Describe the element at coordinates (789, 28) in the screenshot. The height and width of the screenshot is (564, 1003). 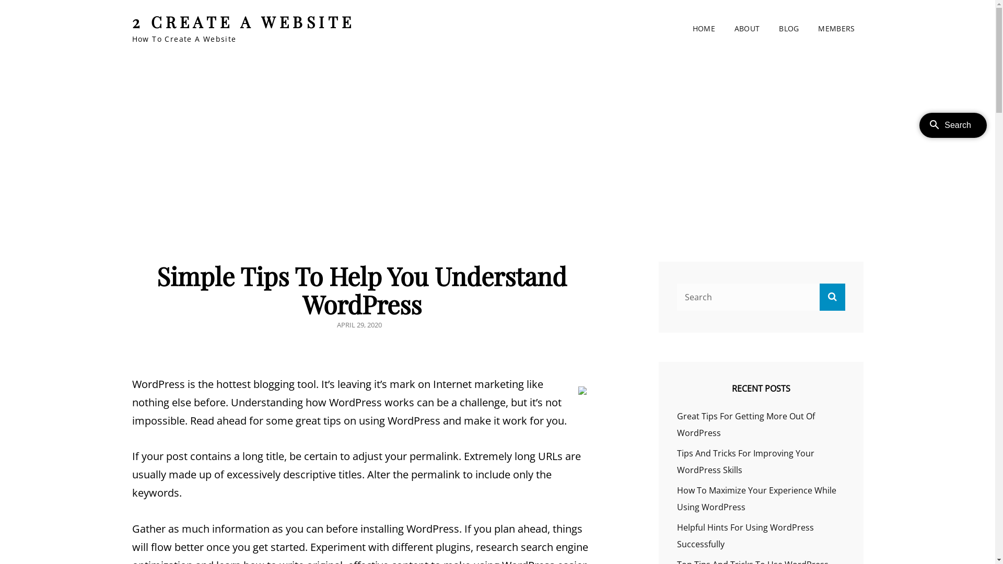
I see `'BLOG'` at that location.